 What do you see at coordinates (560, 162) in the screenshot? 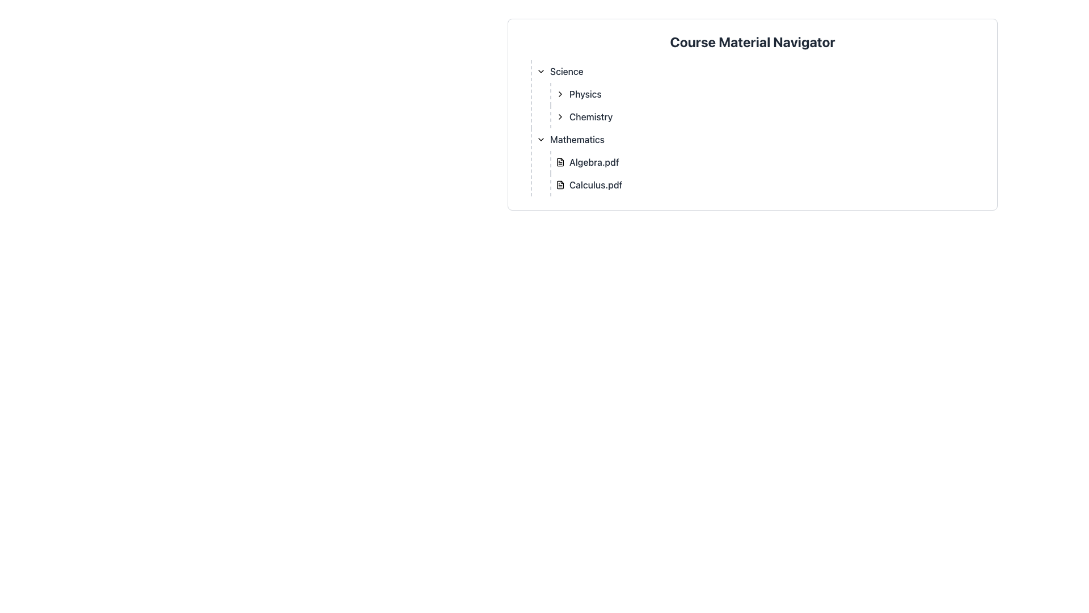
I see `the main body rectangle of the file icon, which is a part of the SVG component located under the 'Mathematics' category, between 'Algebra.pdf' and another entry` at bounding box center [560, 162].